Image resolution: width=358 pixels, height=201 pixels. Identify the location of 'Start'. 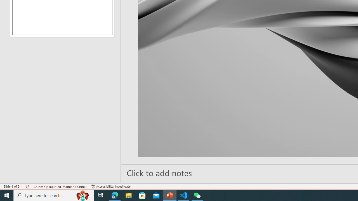
(7, 195).